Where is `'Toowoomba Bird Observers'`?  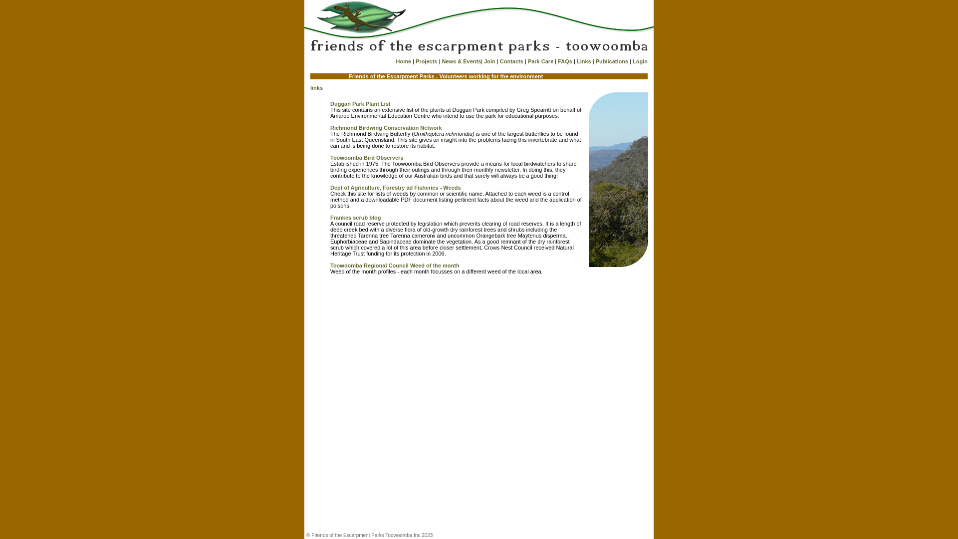
'Toowoomba Bird Observers' is located at coordinates (366, 157).